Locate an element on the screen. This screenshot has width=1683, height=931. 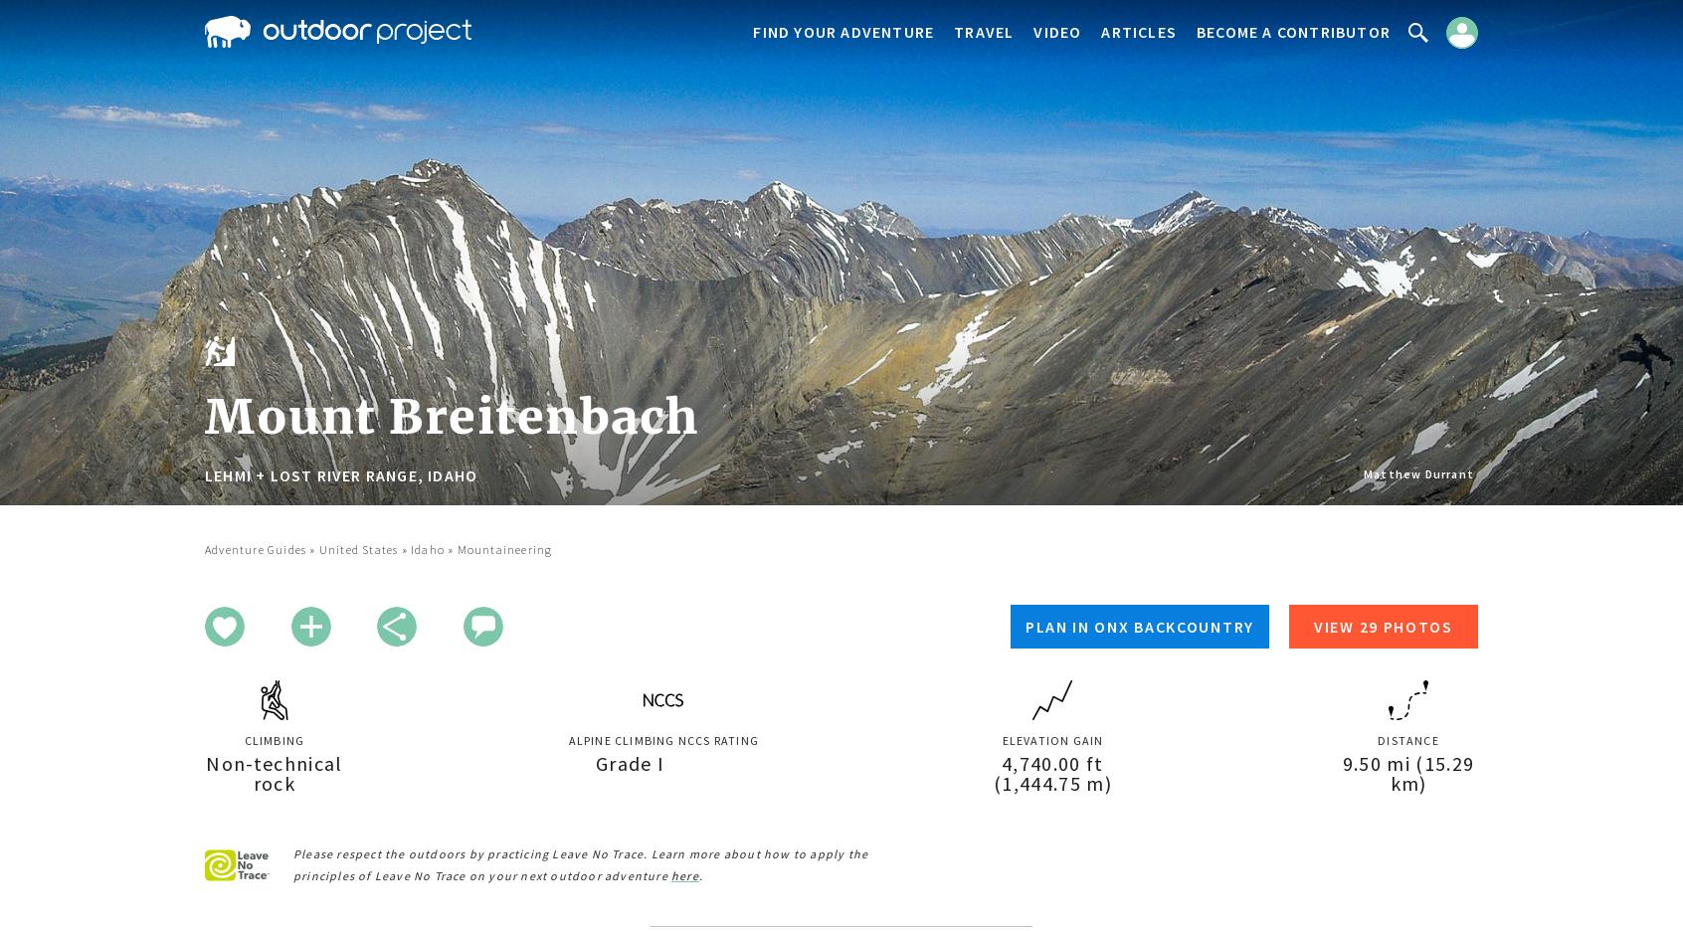
'Matthew Durrant' is located at coordinates (1417, 472).